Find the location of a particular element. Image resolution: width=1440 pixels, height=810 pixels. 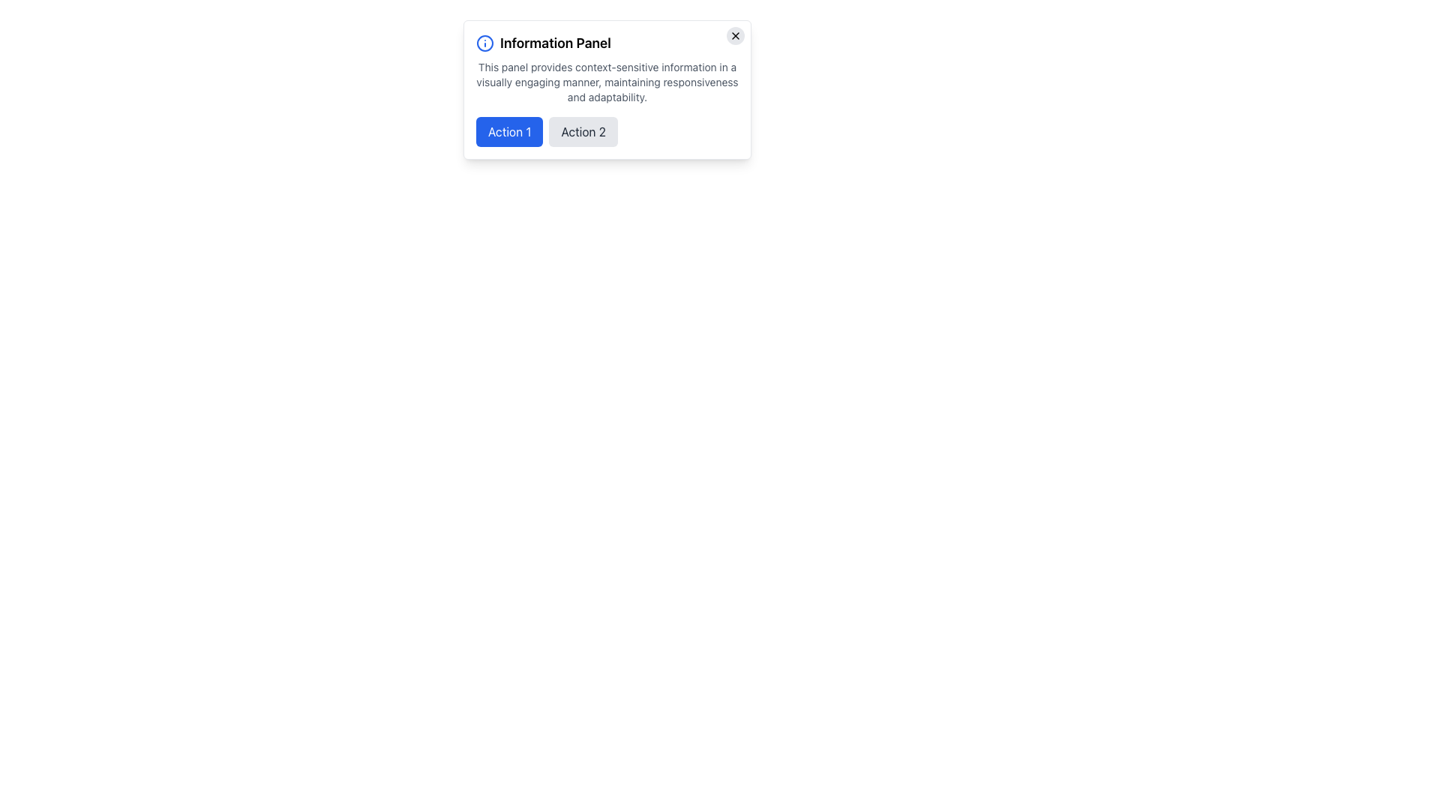

the small circular close button with an 'X' icon located in the top-right corner of the 'Information Panel' for potential UI feedback is located at coordinates (735, 34).